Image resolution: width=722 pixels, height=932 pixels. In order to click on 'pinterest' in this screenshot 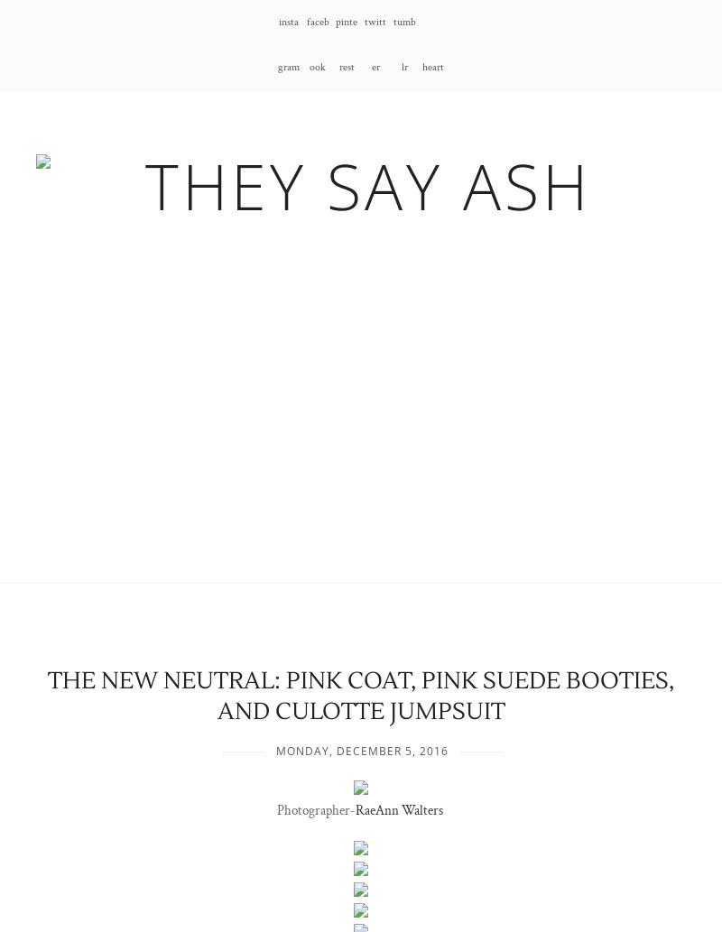, I will do `click(346, 44)`.